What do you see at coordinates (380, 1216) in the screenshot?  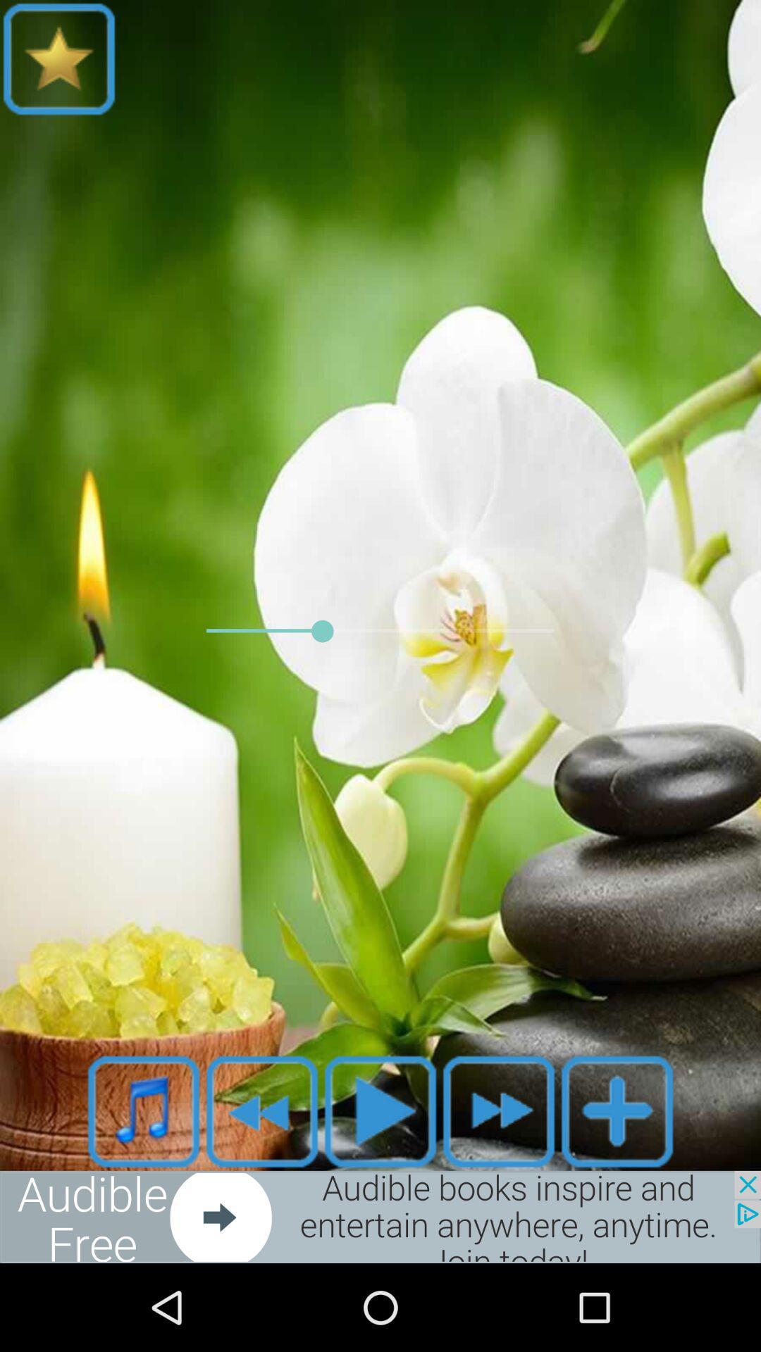 I see `advertisement area` at bounding box center [380, 1216].